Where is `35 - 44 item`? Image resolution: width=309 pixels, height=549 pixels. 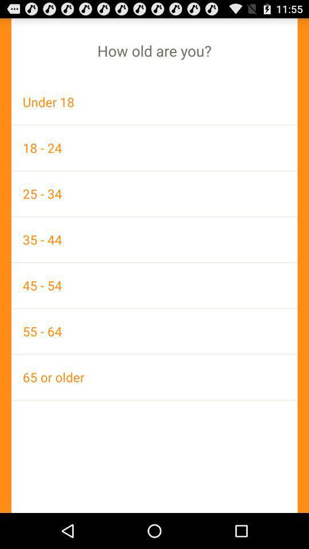
35 - 44 item is located at coordinates (154, 238).